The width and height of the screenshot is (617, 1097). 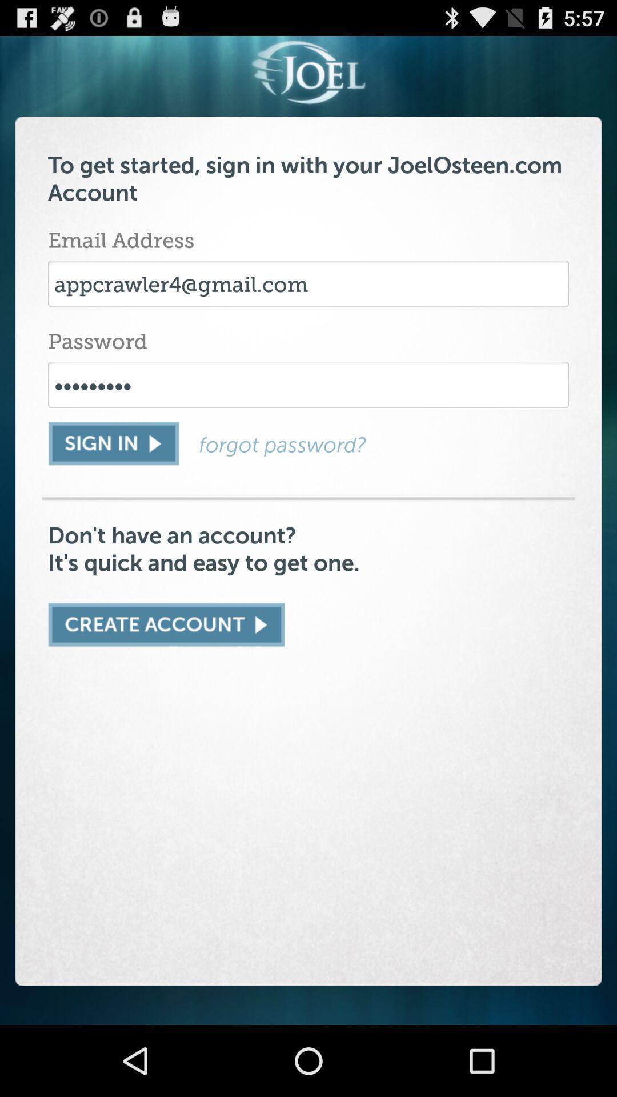 What do you see at coordinates (113, 443) in the screenshot?
I see `the icon next to forgot password? icon` at bounding box center [113, 443].